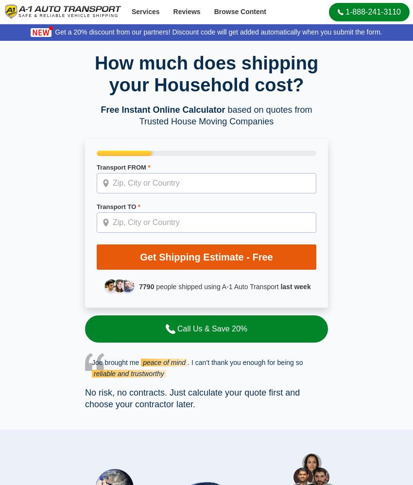  Describe the element at coordinates (372, 11) in the screenshot. I see `'1-888-241-3110'` at that location.